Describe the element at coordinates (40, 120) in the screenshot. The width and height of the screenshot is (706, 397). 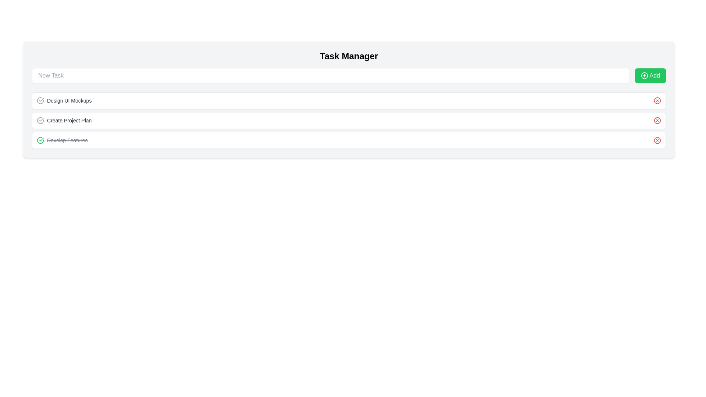
I see `the icon depicting a circle with a checkmark, located within the 'Create Project Plan' list item, which is the second entry in the task management interface` at that location.